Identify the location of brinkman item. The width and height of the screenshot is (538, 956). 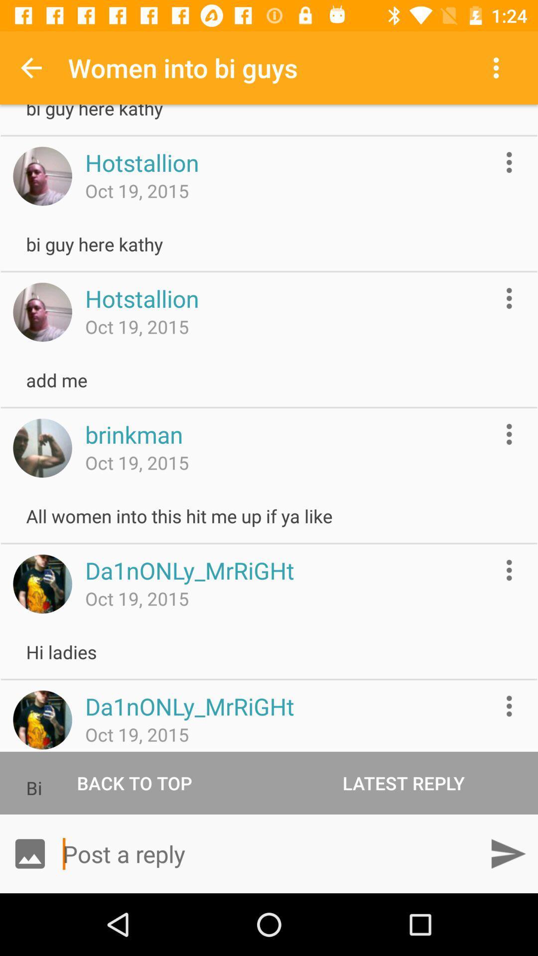
(134, 434).